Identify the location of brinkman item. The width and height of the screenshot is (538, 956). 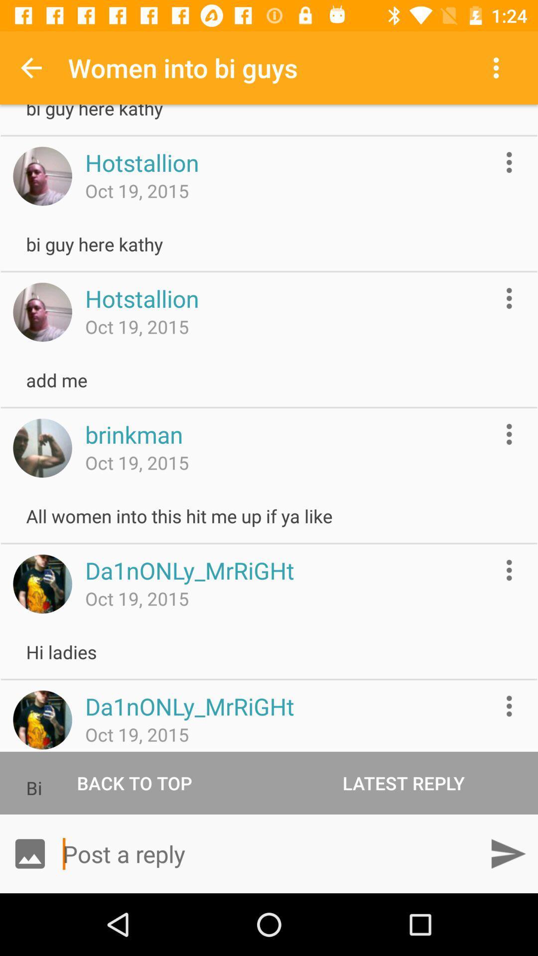
(134, 434).